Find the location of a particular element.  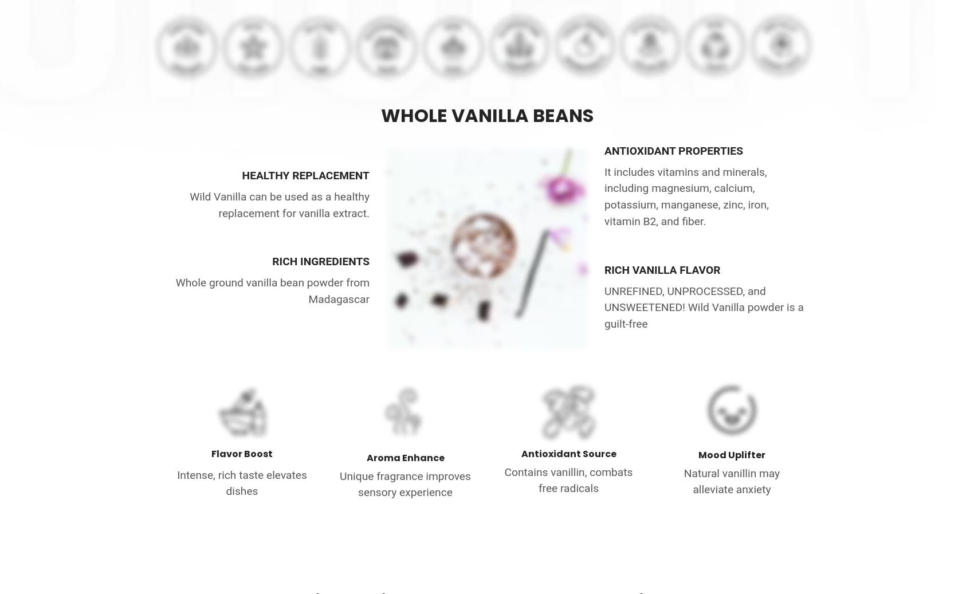

'It includes vitamins and minerals, including magnesium, calcium, potassium, manganese, zinc, iron, vitamin B2, and fiber.' is located at coordinates (685, 195).